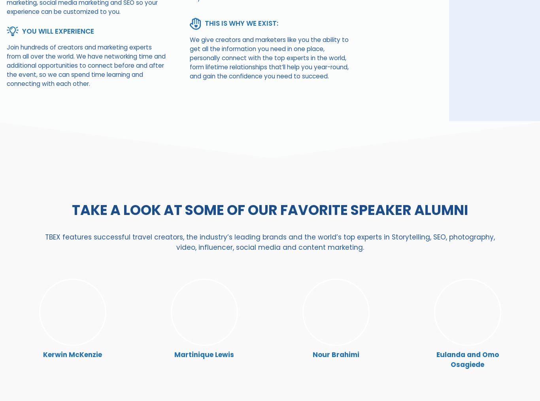 Image resolution: width=540 pixels, height=401 pixels. I want to click on 'This is why we exist:', so click(241, 23).